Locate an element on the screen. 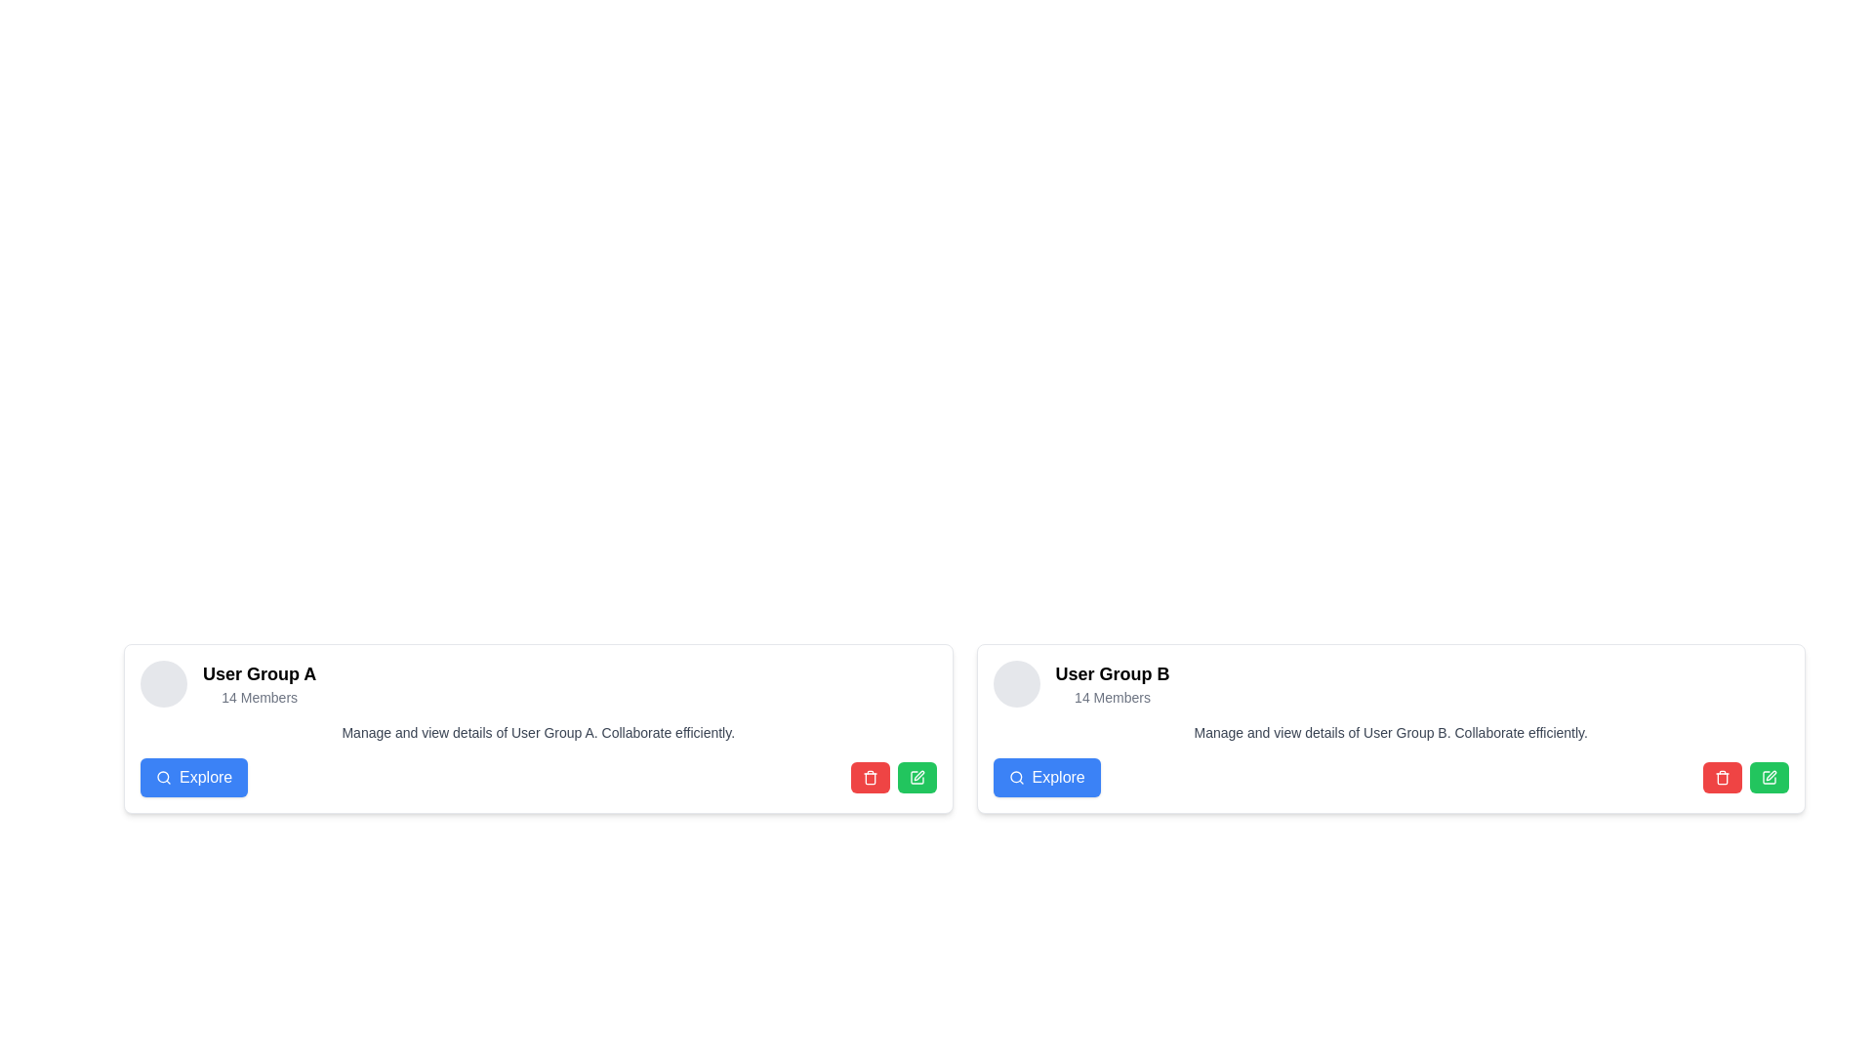 This screenshot has height=1054, width=1874. the edit icon represented by a pencil graphic within a green circular button located at the lower right corner of the 'User Group B' card is located at coordinates (1771, 774).